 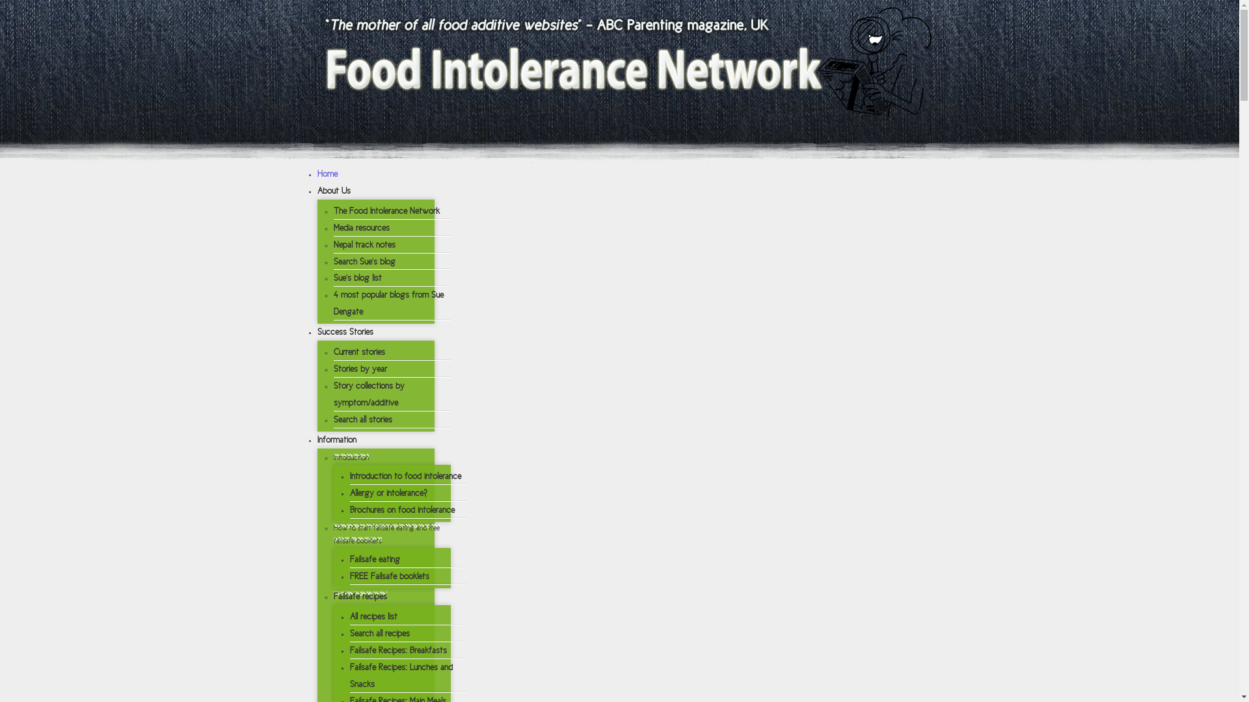 I want to click on 'Quick quiz: what's wrong with this label?', so click(x=424, y=597).